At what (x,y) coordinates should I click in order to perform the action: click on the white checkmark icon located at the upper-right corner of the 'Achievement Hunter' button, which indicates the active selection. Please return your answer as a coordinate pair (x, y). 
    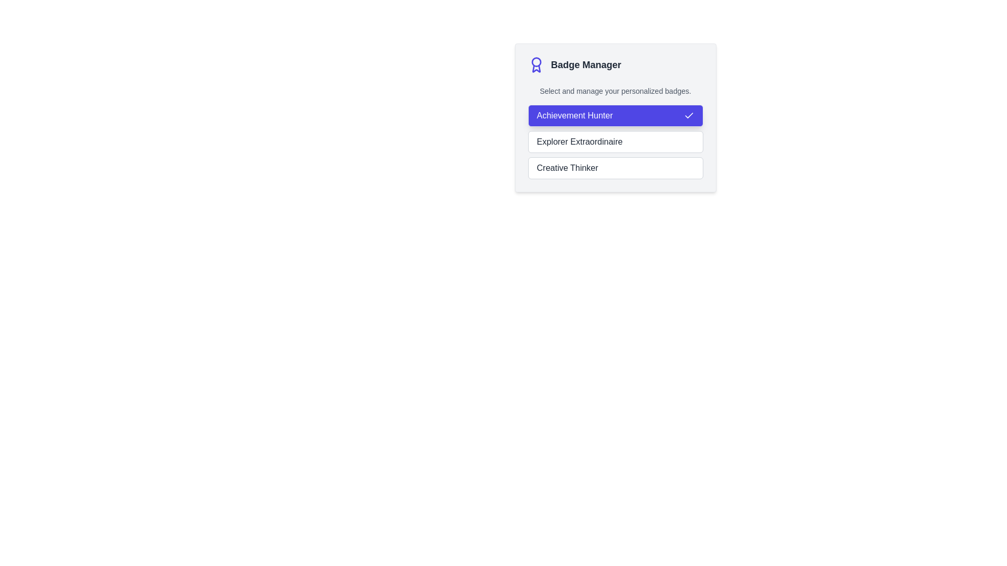
    Looking at the image, I should click on (689, 115).